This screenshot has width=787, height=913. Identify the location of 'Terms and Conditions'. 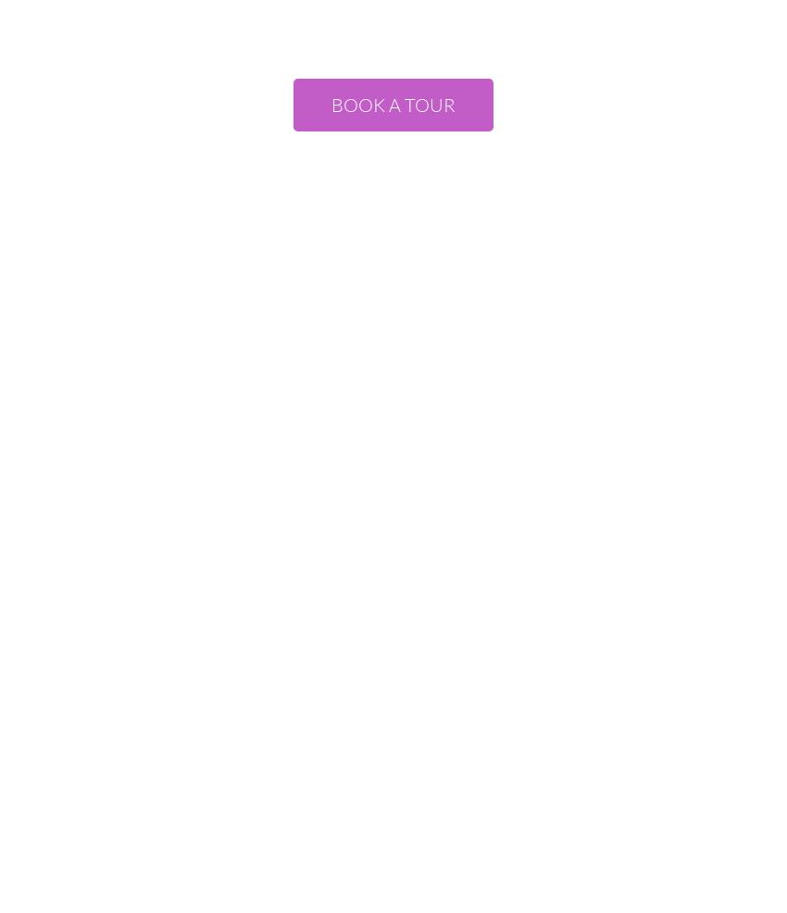
(325, 759).